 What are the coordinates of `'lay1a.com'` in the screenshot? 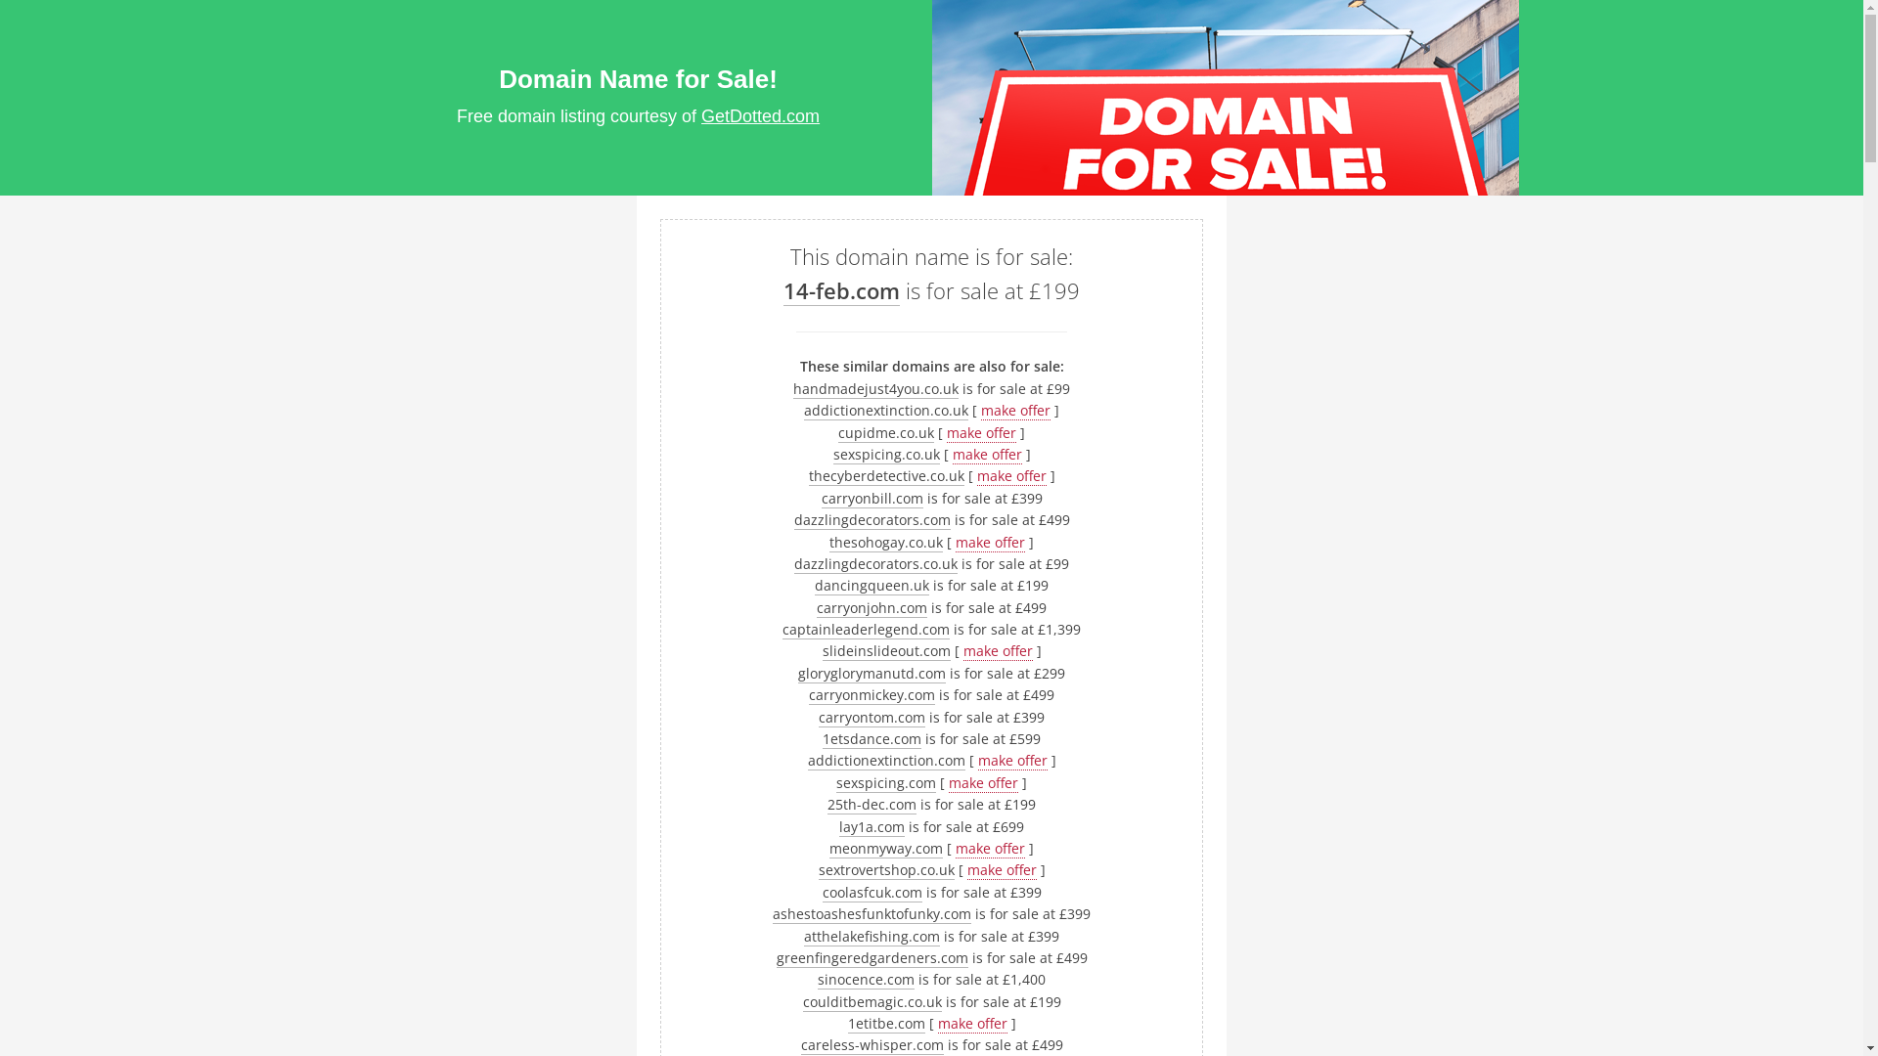 It's located at (871, 826).